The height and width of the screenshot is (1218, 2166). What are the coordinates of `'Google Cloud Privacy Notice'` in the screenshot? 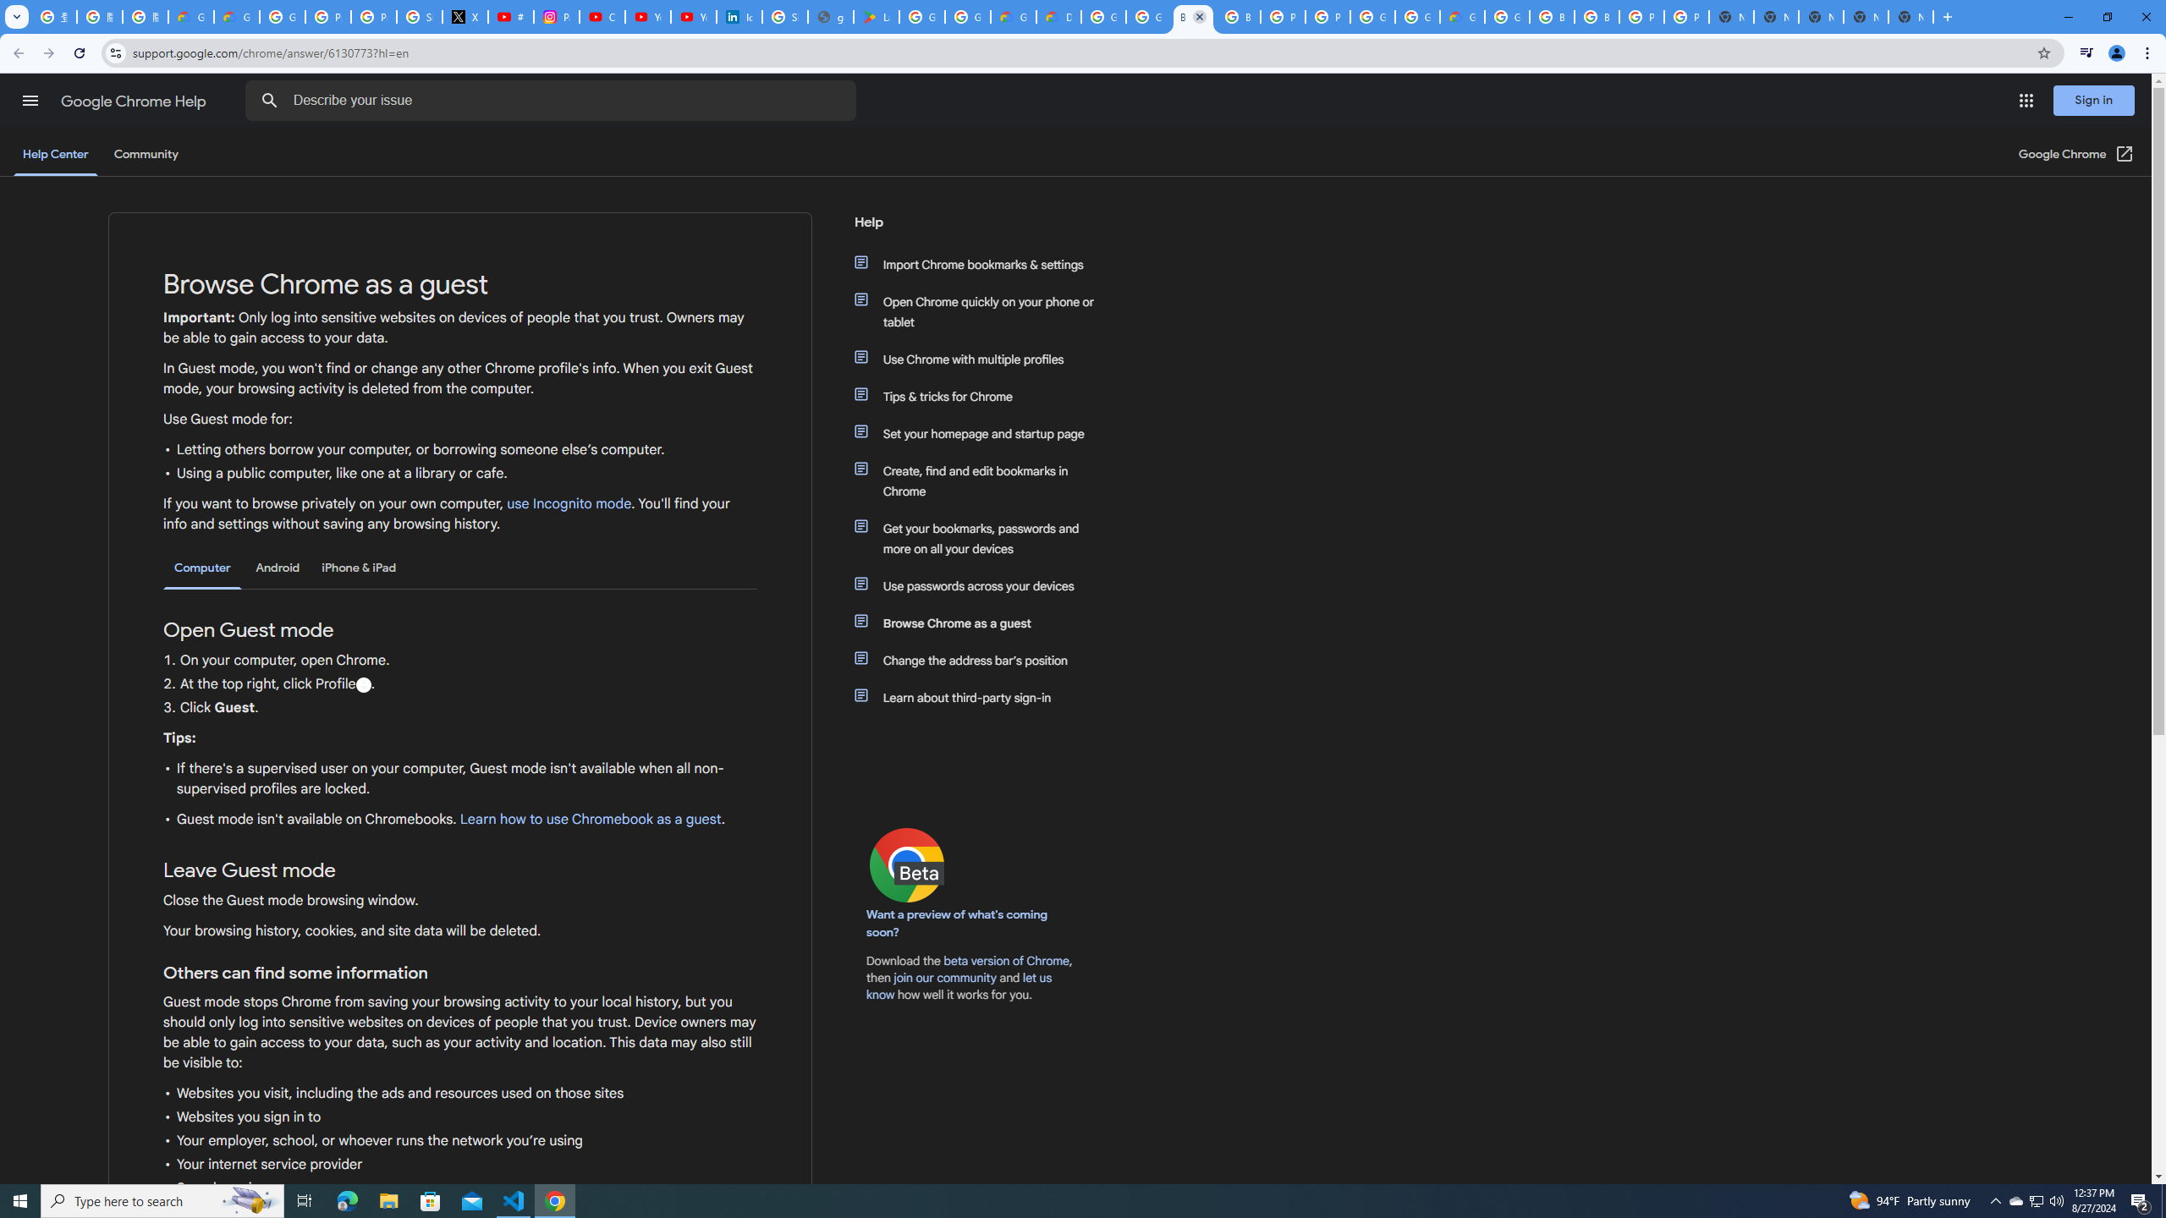 It's located at (235, 16).